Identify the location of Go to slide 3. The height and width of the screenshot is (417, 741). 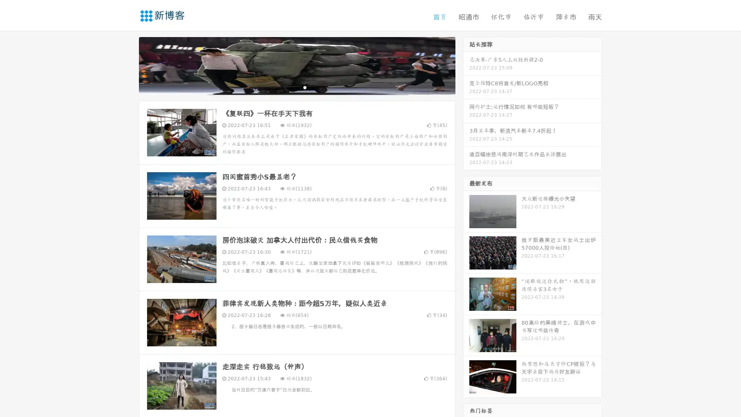
(305, 87).